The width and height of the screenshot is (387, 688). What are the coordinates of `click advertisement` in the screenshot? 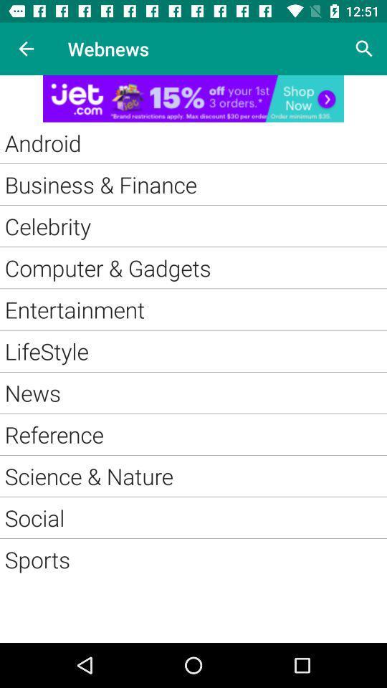 It's located at (193, 97).